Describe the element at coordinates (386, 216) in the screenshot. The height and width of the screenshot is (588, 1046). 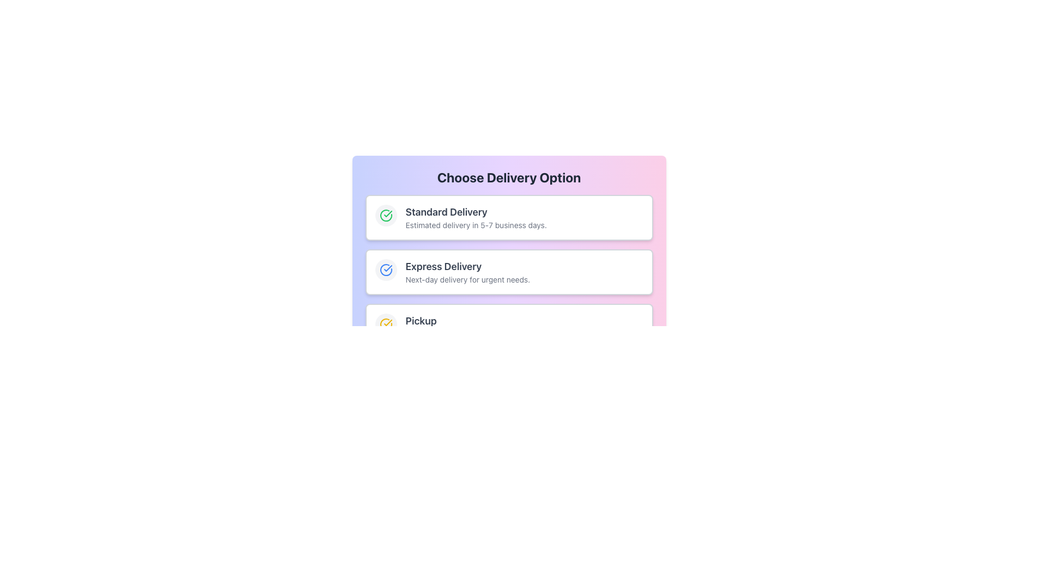
I see `the 'Standard Delivery' icon, which visually indicates the selection or status of this delivery option, located at the upper left corner of the 'Standard Delivery' selection card` at that location.